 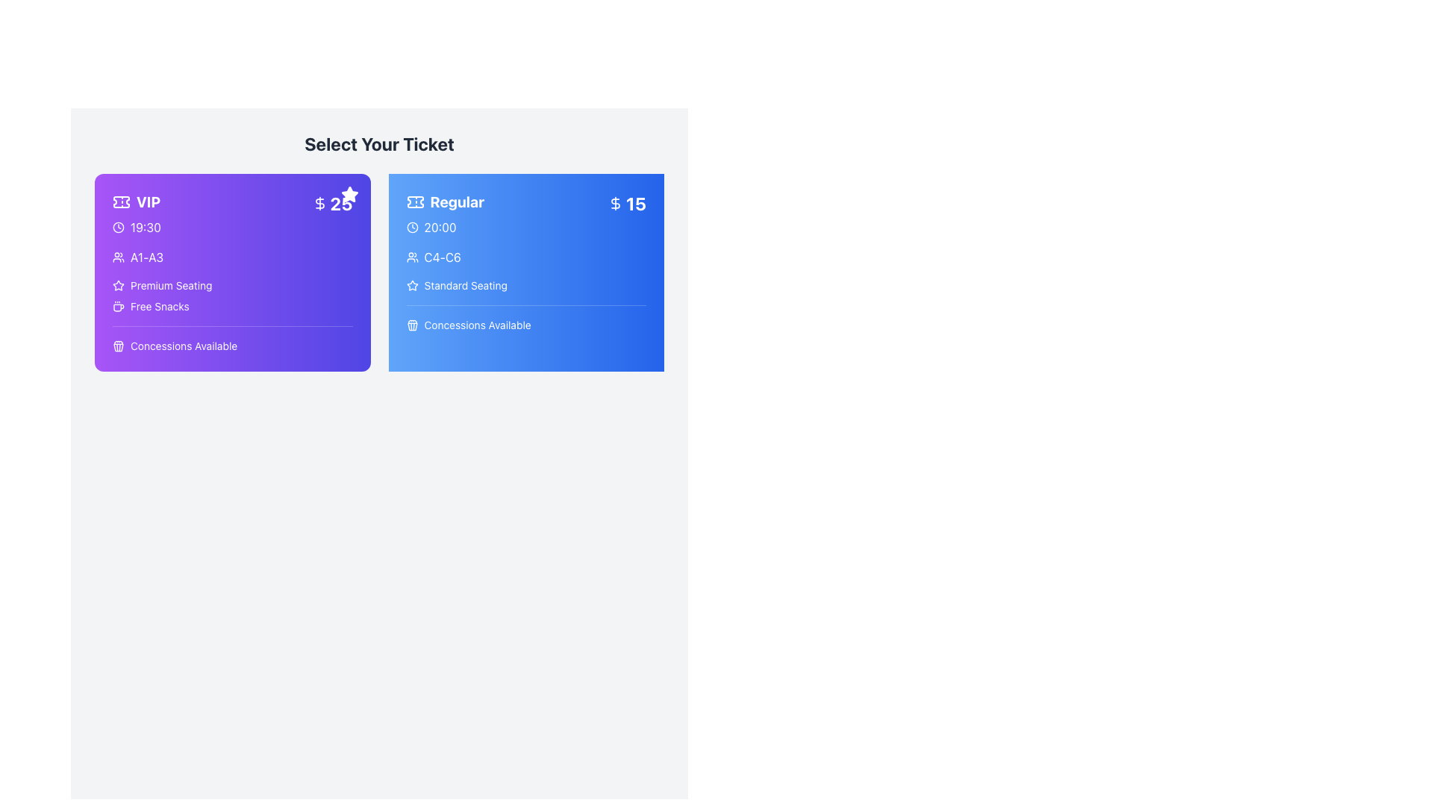 What do you see at coordinates (349, 193) in the screenshot?
I see `the icon located at the top right corner of the purple 'VIP $25' ticket card, which indicates a special feature or promotion associated with the VIP ticket` at bounding box center [349, 193].